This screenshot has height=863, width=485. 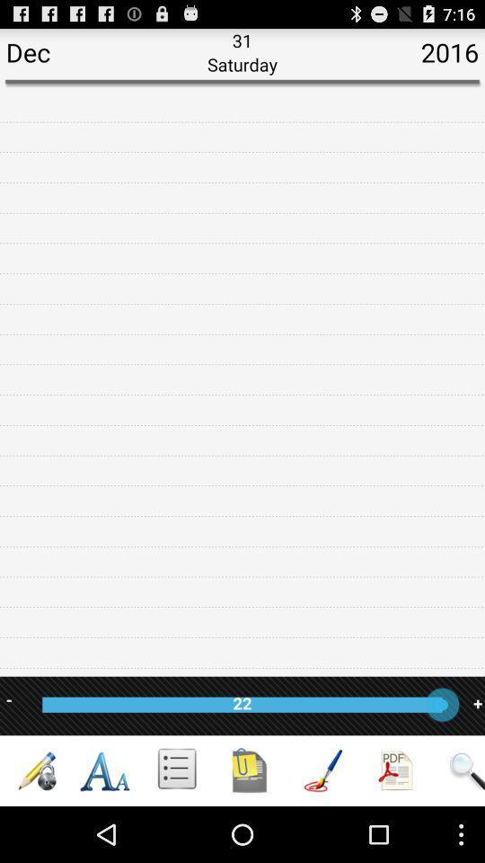 What do you see at coordinates (104, 824) in the screenshot?
I see `the font icon` at bounding box center [104, 824].